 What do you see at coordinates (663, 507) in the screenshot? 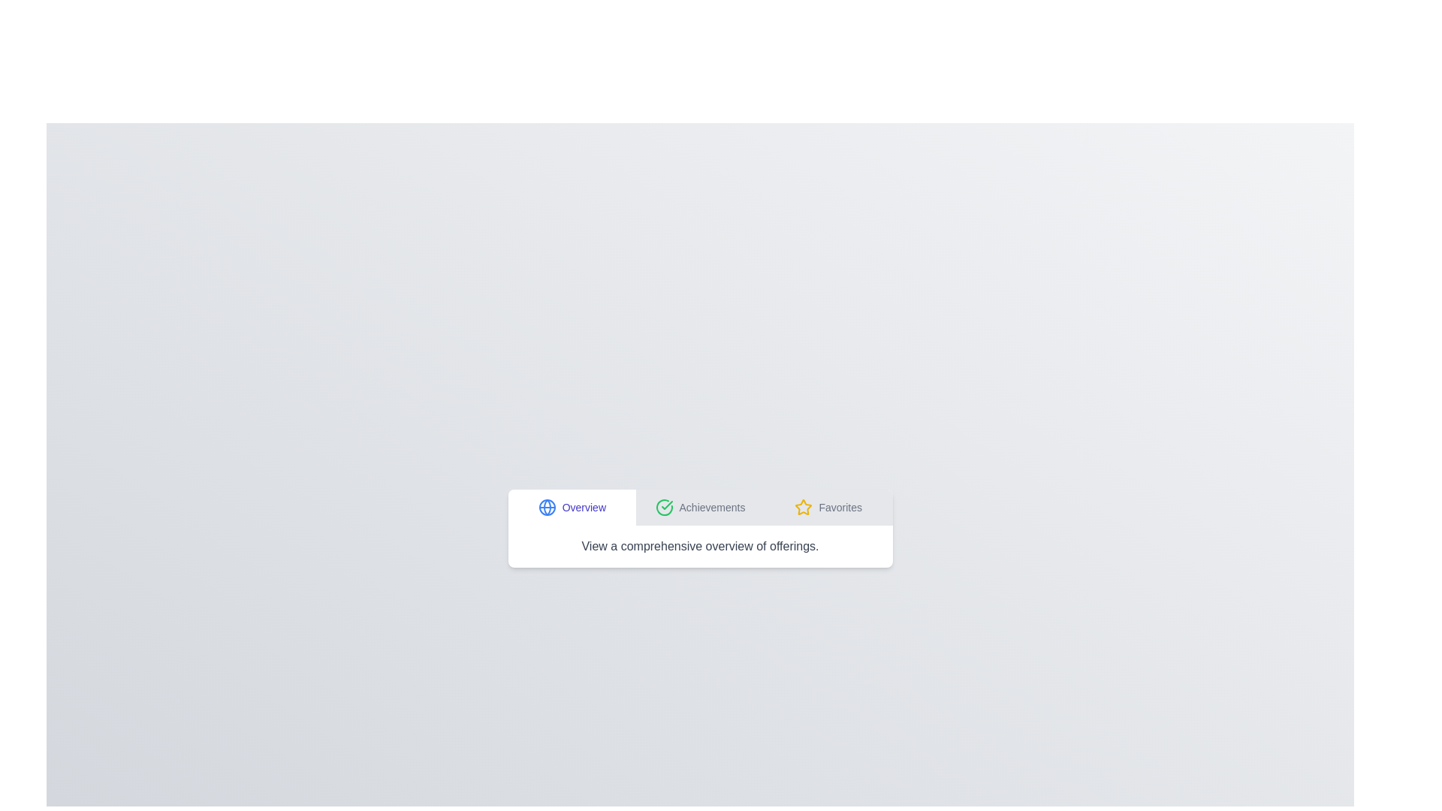
I see `the icon associated with the Achievements tab to activate it` at bounding box center [663, 507].